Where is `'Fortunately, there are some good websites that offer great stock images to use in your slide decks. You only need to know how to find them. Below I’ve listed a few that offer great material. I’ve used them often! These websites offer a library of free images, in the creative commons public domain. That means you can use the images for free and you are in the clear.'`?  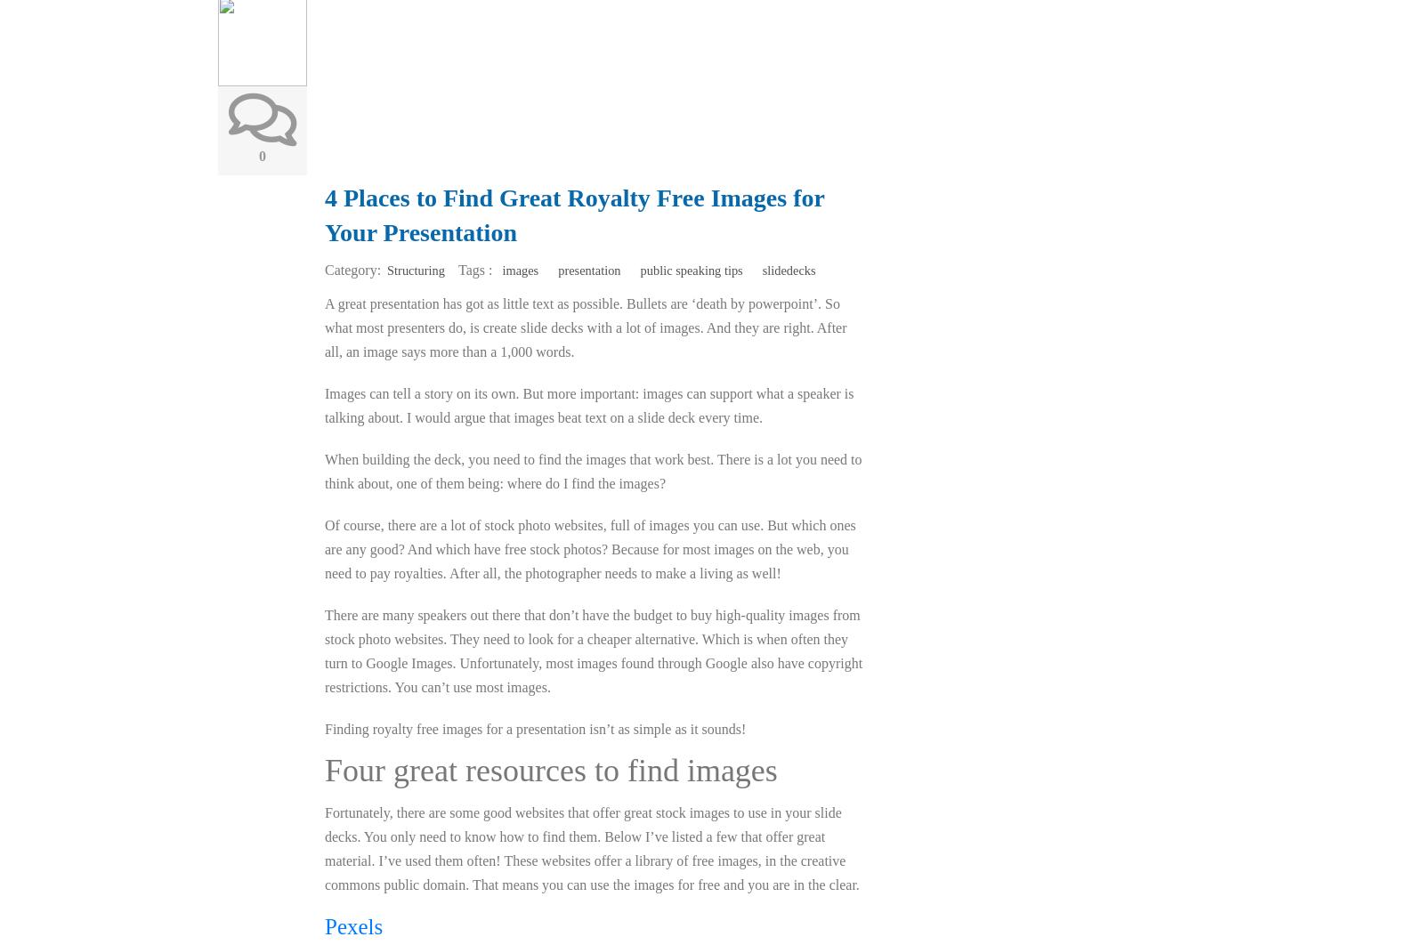 'Fortunately, there are some good websites that offer great stock images to use in your slide decks. You only need to know how to find them. Below I’ve listed a few that offer great material. I’ve used them often! These websites offer a library of free images, in the creative commons public domain. That means you can use the images for free and you are in the clear.' is located at coordinates (591, 847).